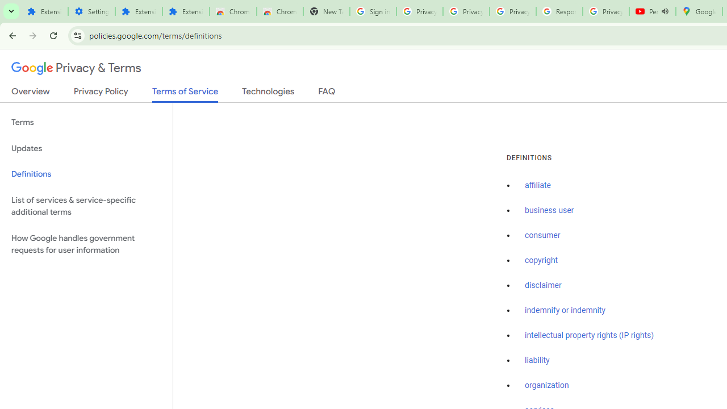 The width and height of the screenshot is (727, 409). I want to click on 'Mute tab', so click(665, 11).